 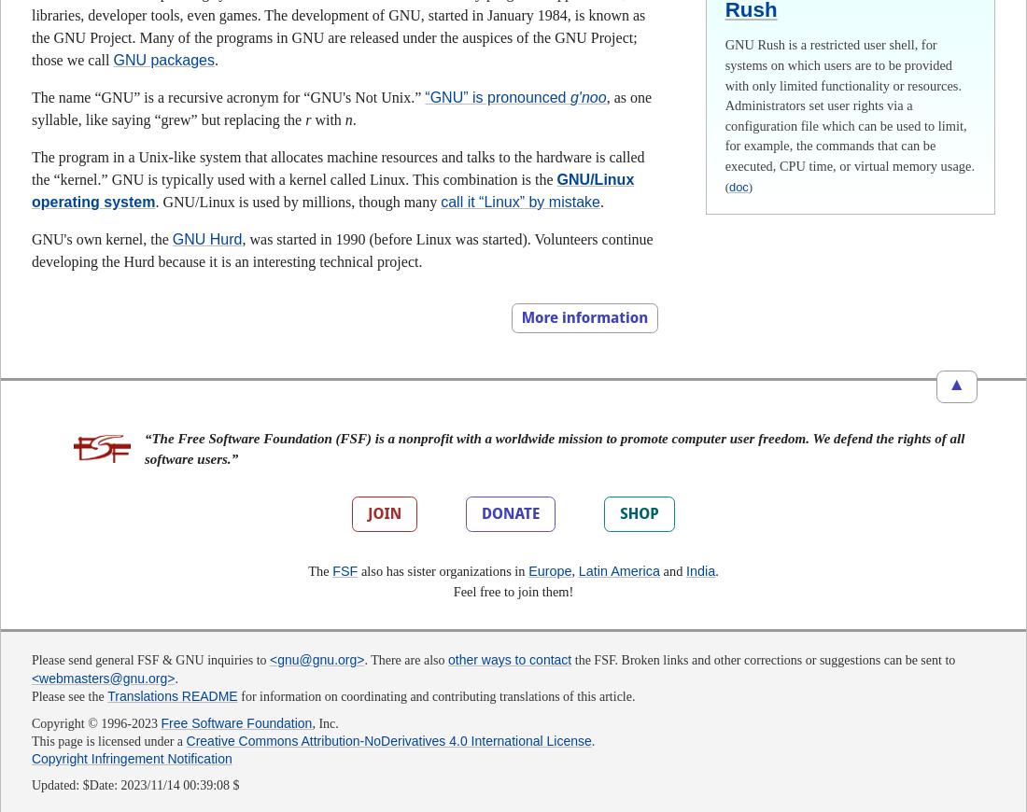 I want to click on 'SHOP', so click(x=639, y=512).